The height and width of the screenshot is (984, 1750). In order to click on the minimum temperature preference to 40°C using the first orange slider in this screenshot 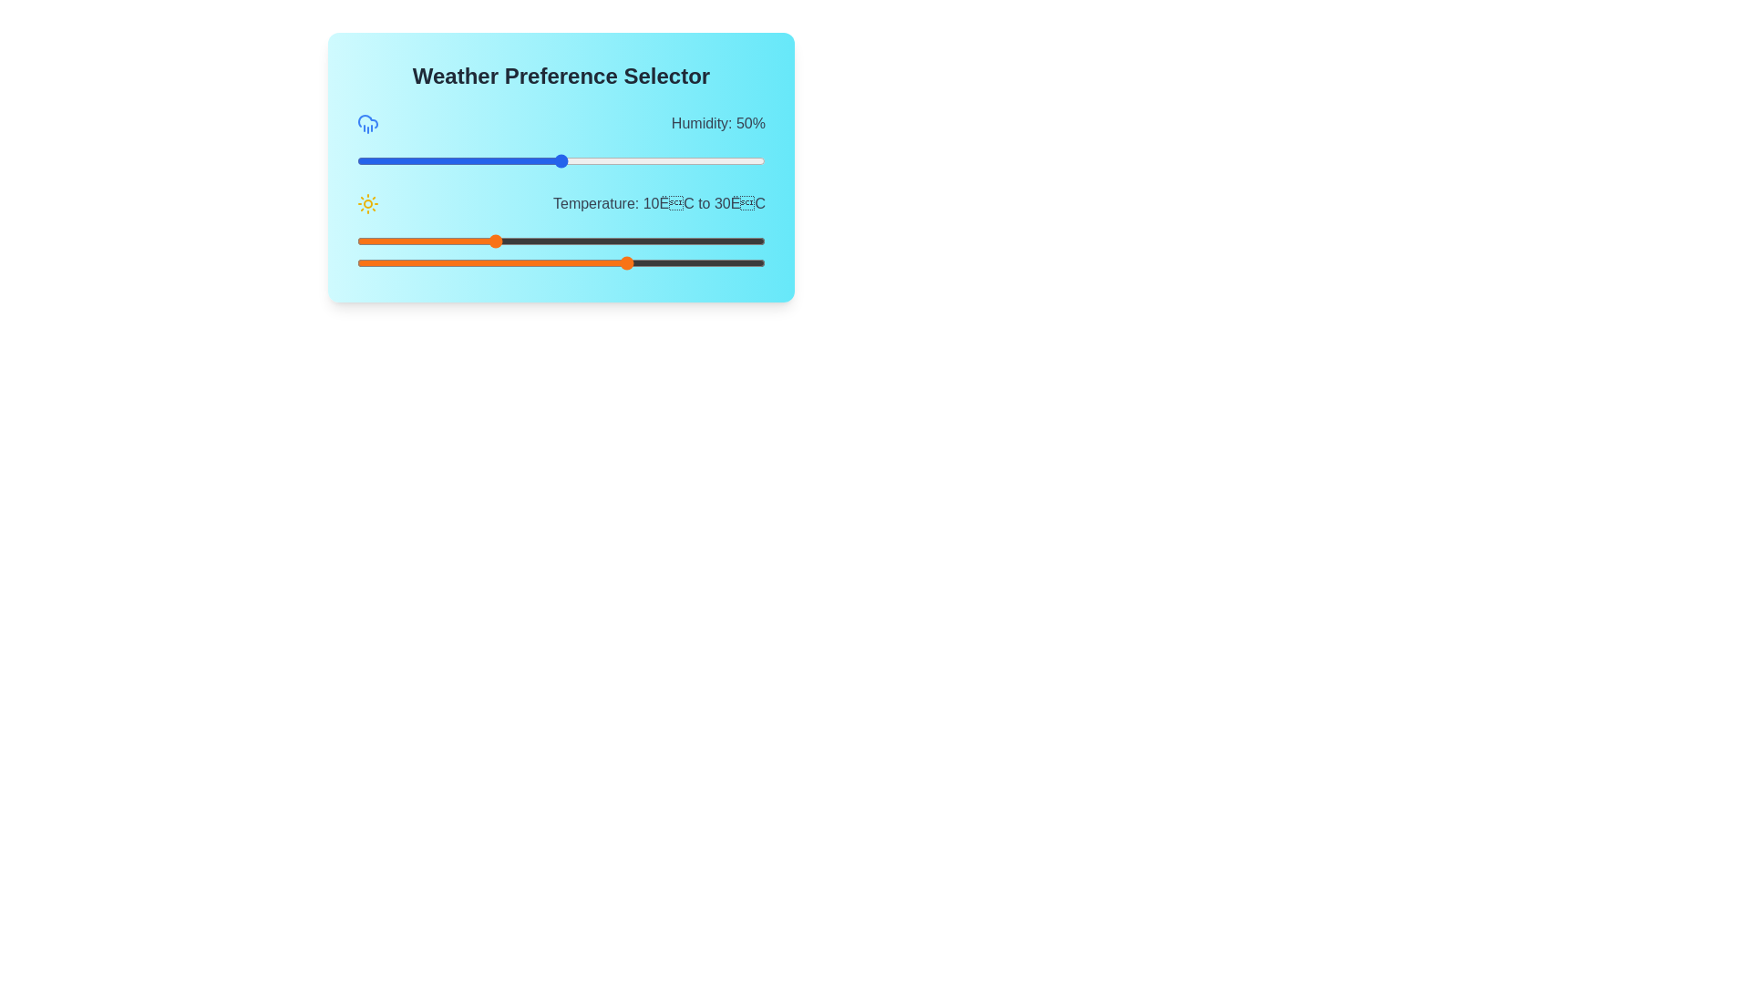, I will do `click(696, 241)`.